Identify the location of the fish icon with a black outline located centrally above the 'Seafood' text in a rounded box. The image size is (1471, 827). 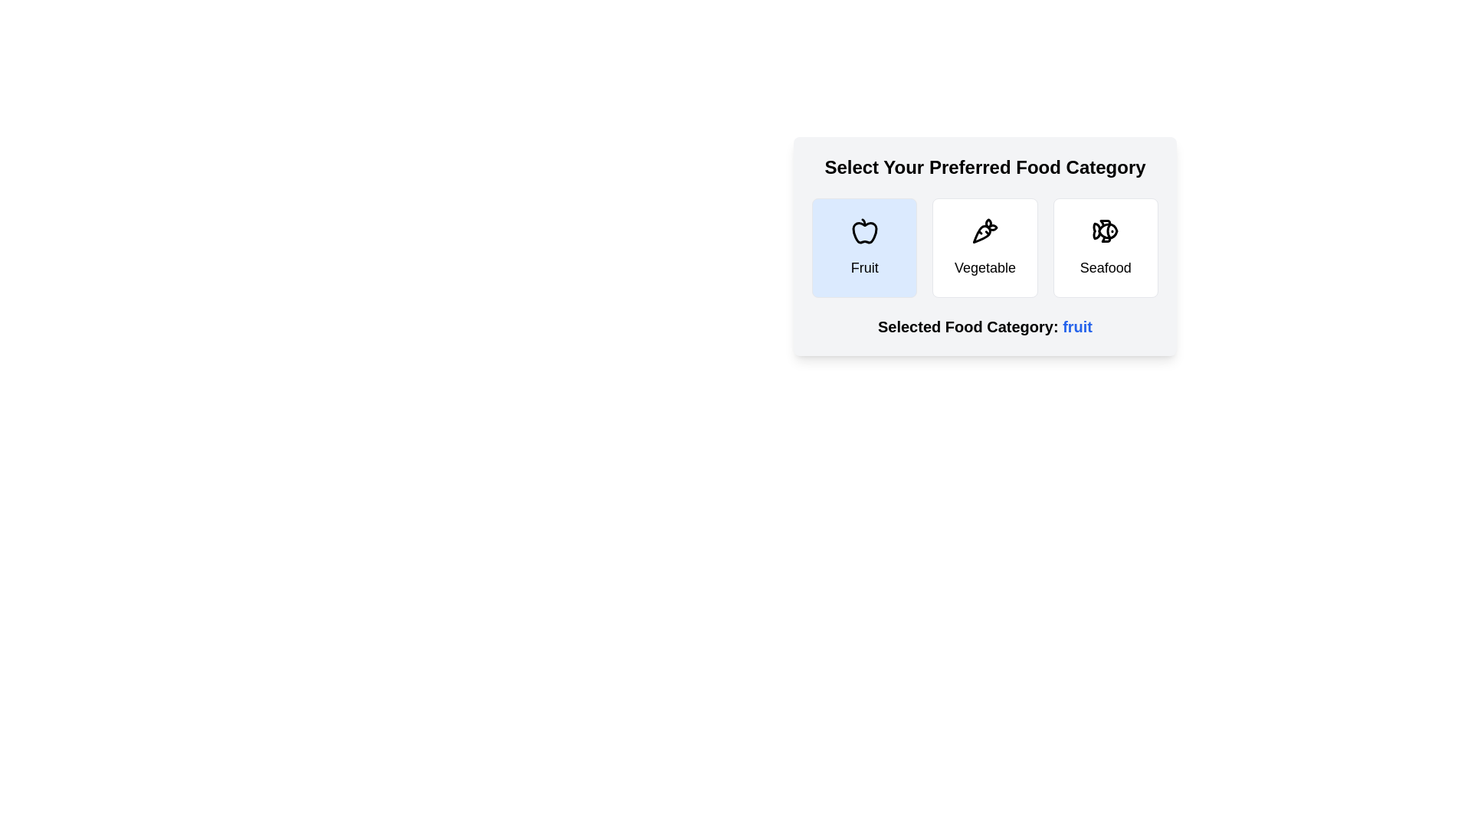
(1106, 230).